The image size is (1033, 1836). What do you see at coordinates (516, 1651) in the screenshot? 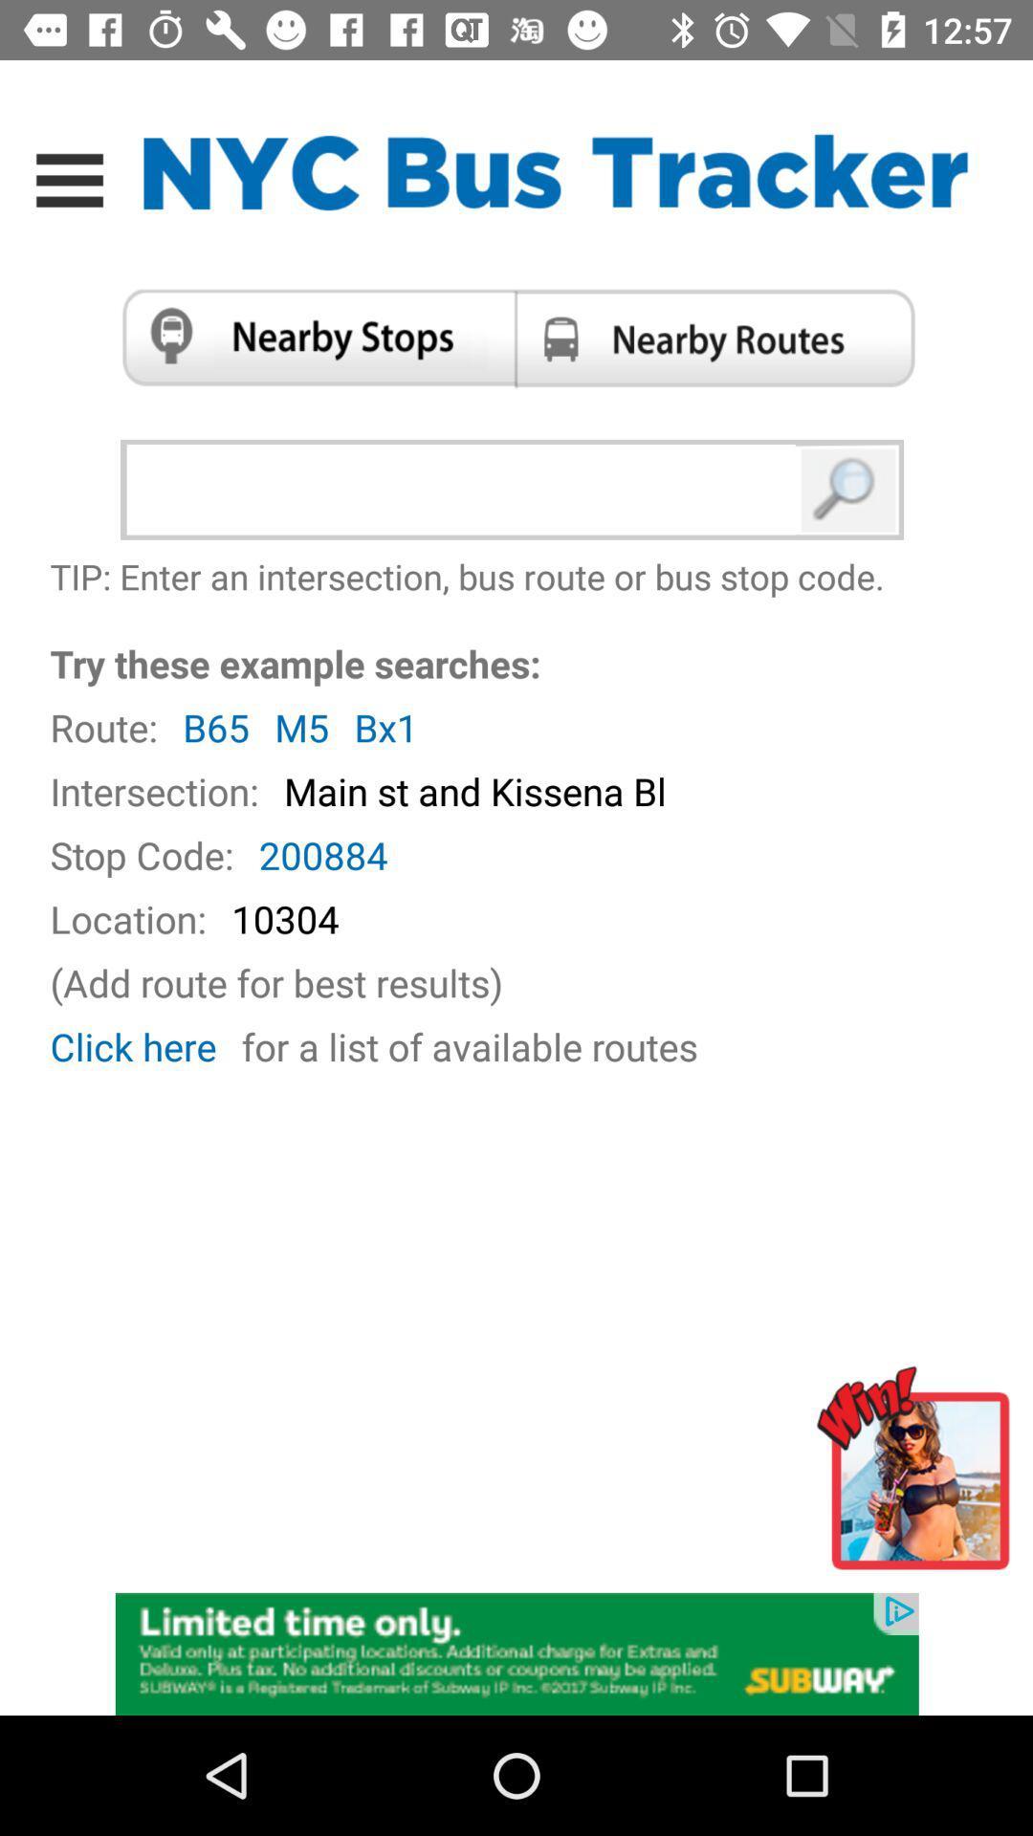
I see `advertisement` at bounding box center [516, 1651].